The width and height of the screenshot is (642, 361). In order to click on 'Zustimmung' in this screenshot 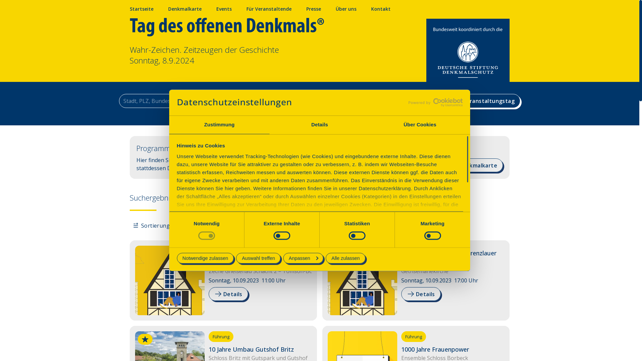, I will do `click(219, 125)`.